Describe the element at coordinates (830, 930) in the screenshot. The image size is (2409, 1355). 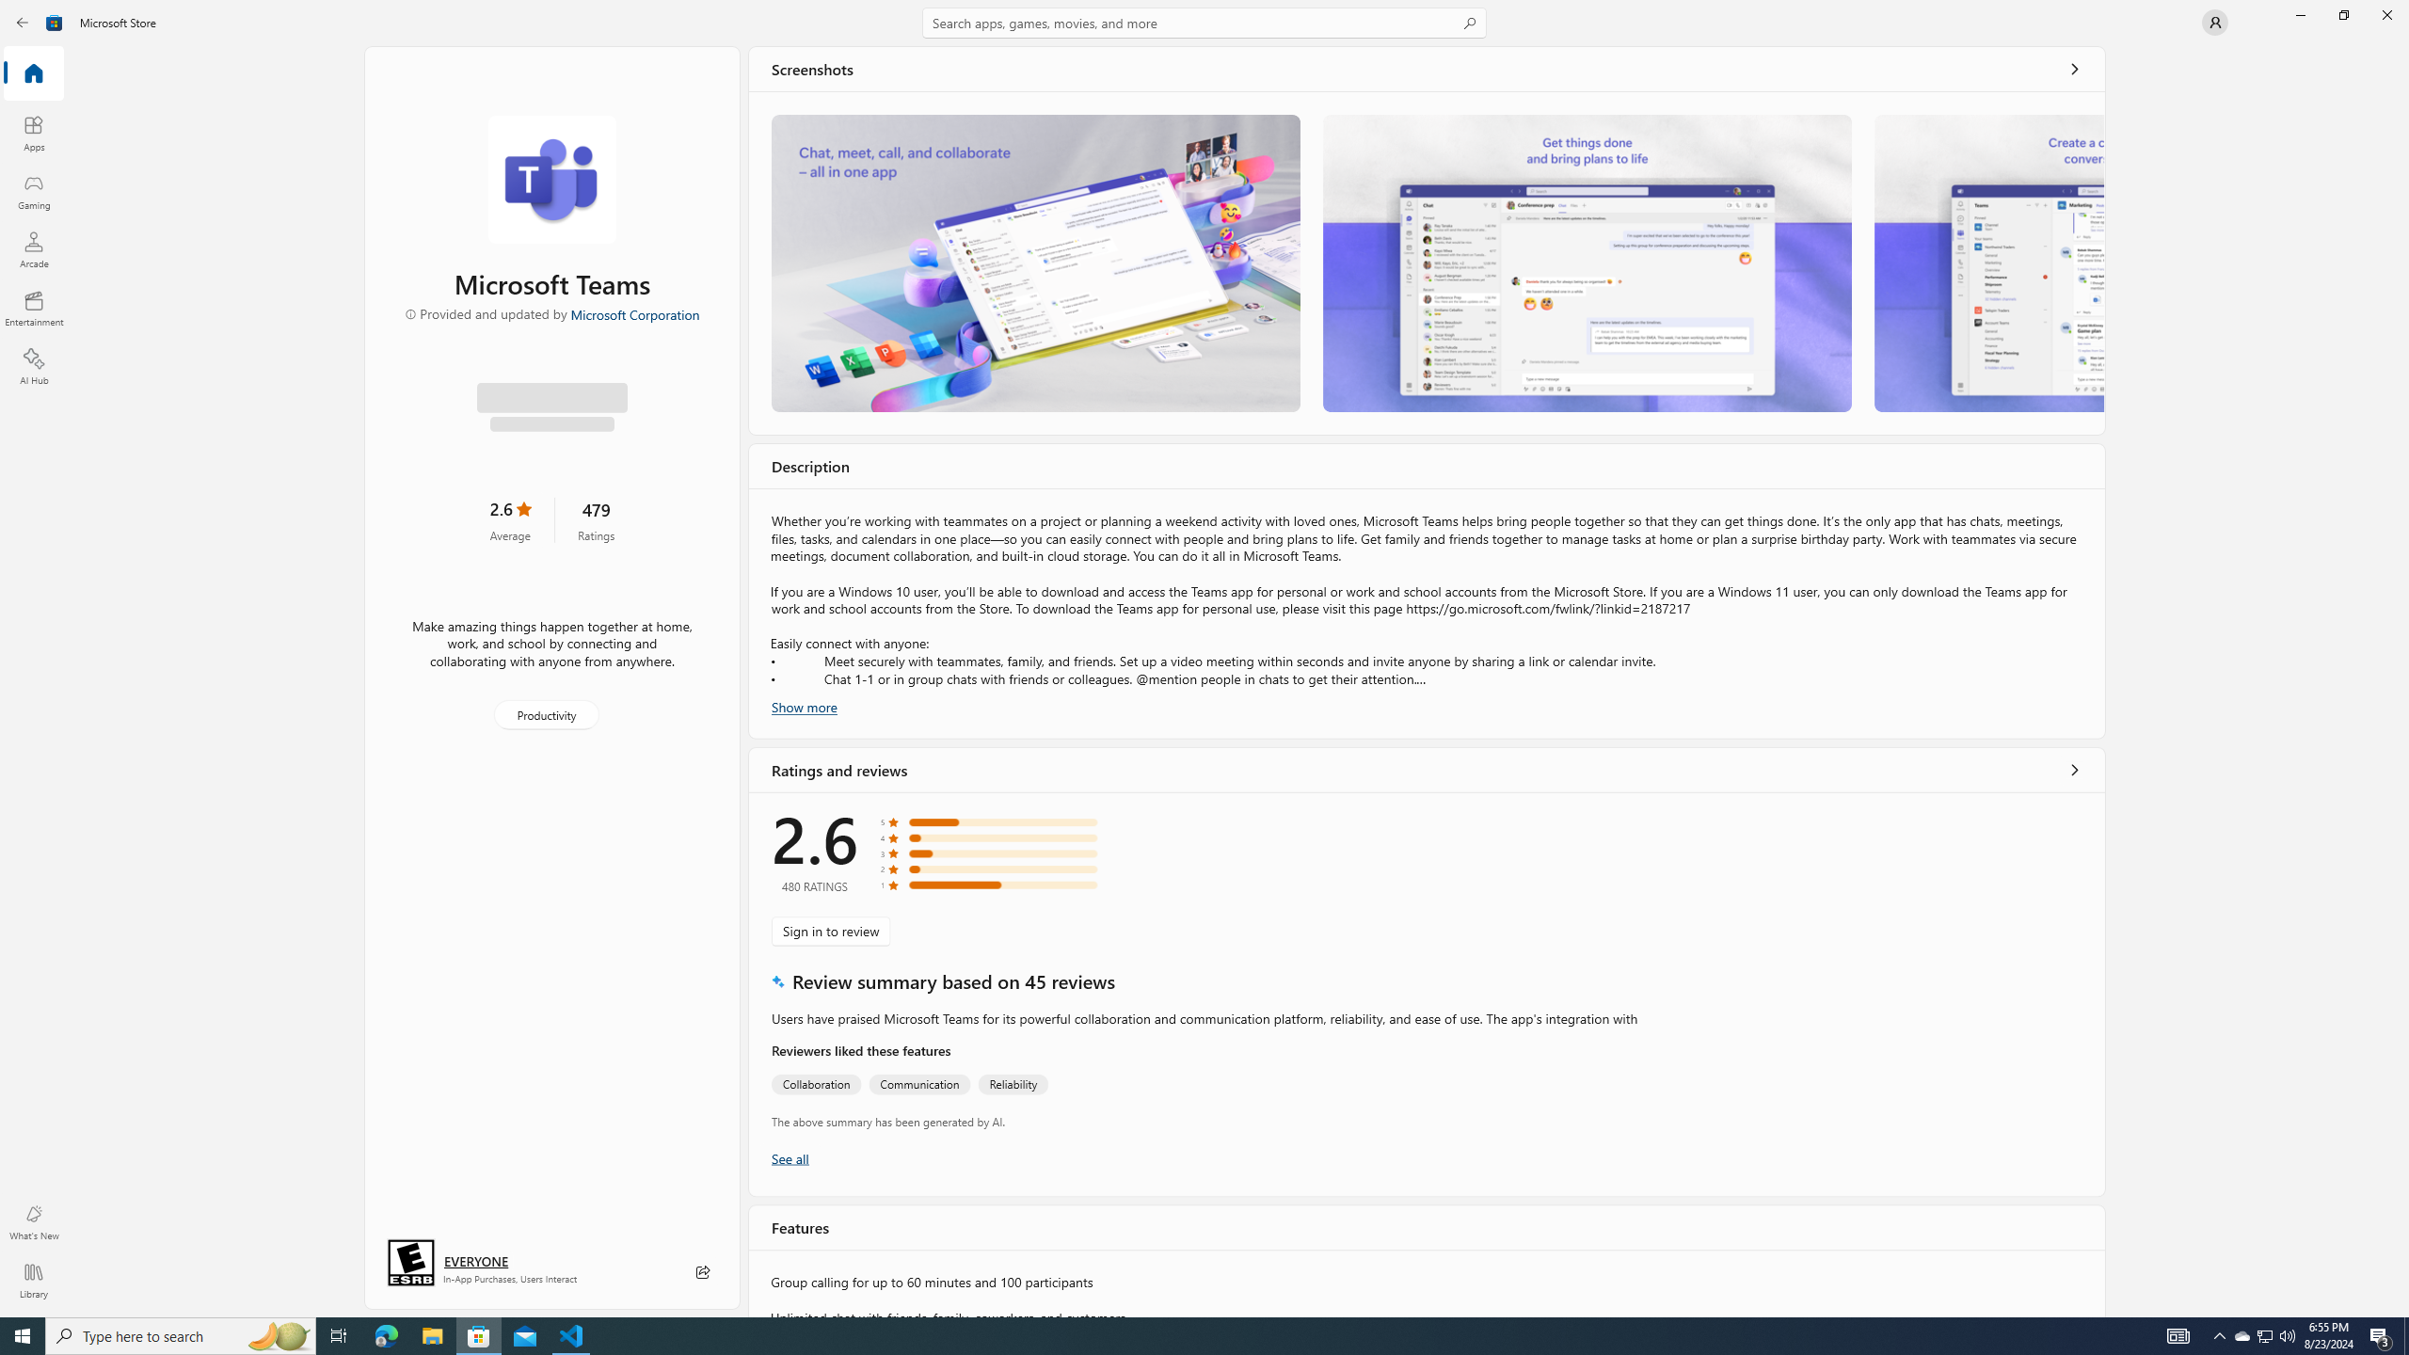
I see `'Sign in to review'` at that location.